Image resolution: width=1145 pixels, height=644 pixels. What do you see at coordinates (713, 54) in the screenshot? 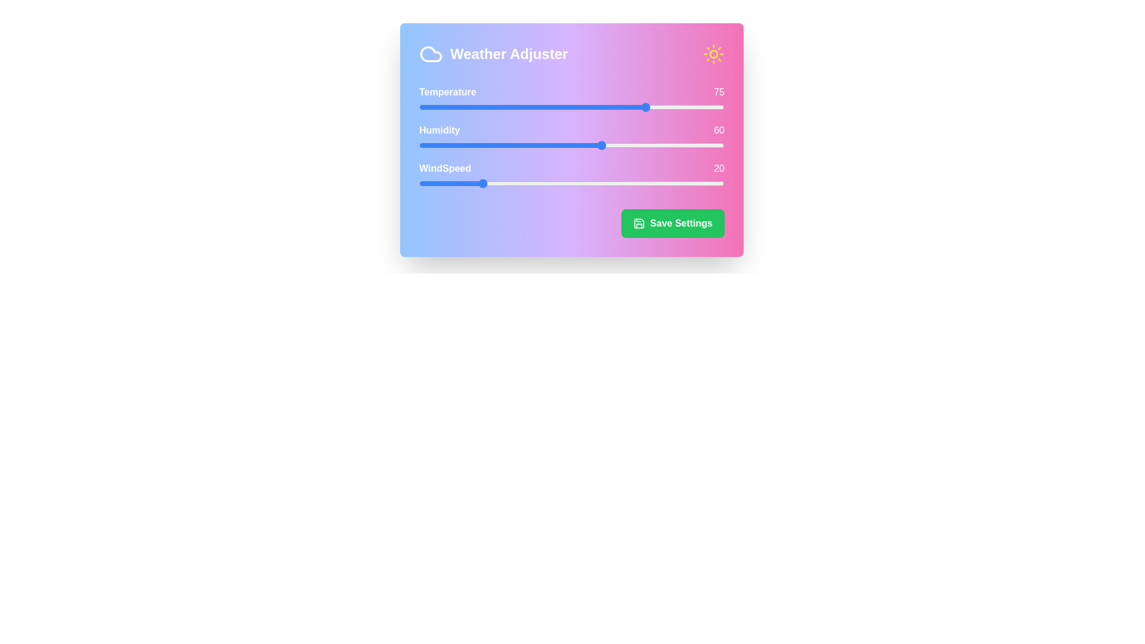
I see `the circular sun icon with surrounding rays, styled in bright yellow over a pink background, located at the upper-right corner of the weather adjustment interface` at bounding box center [713, 54].